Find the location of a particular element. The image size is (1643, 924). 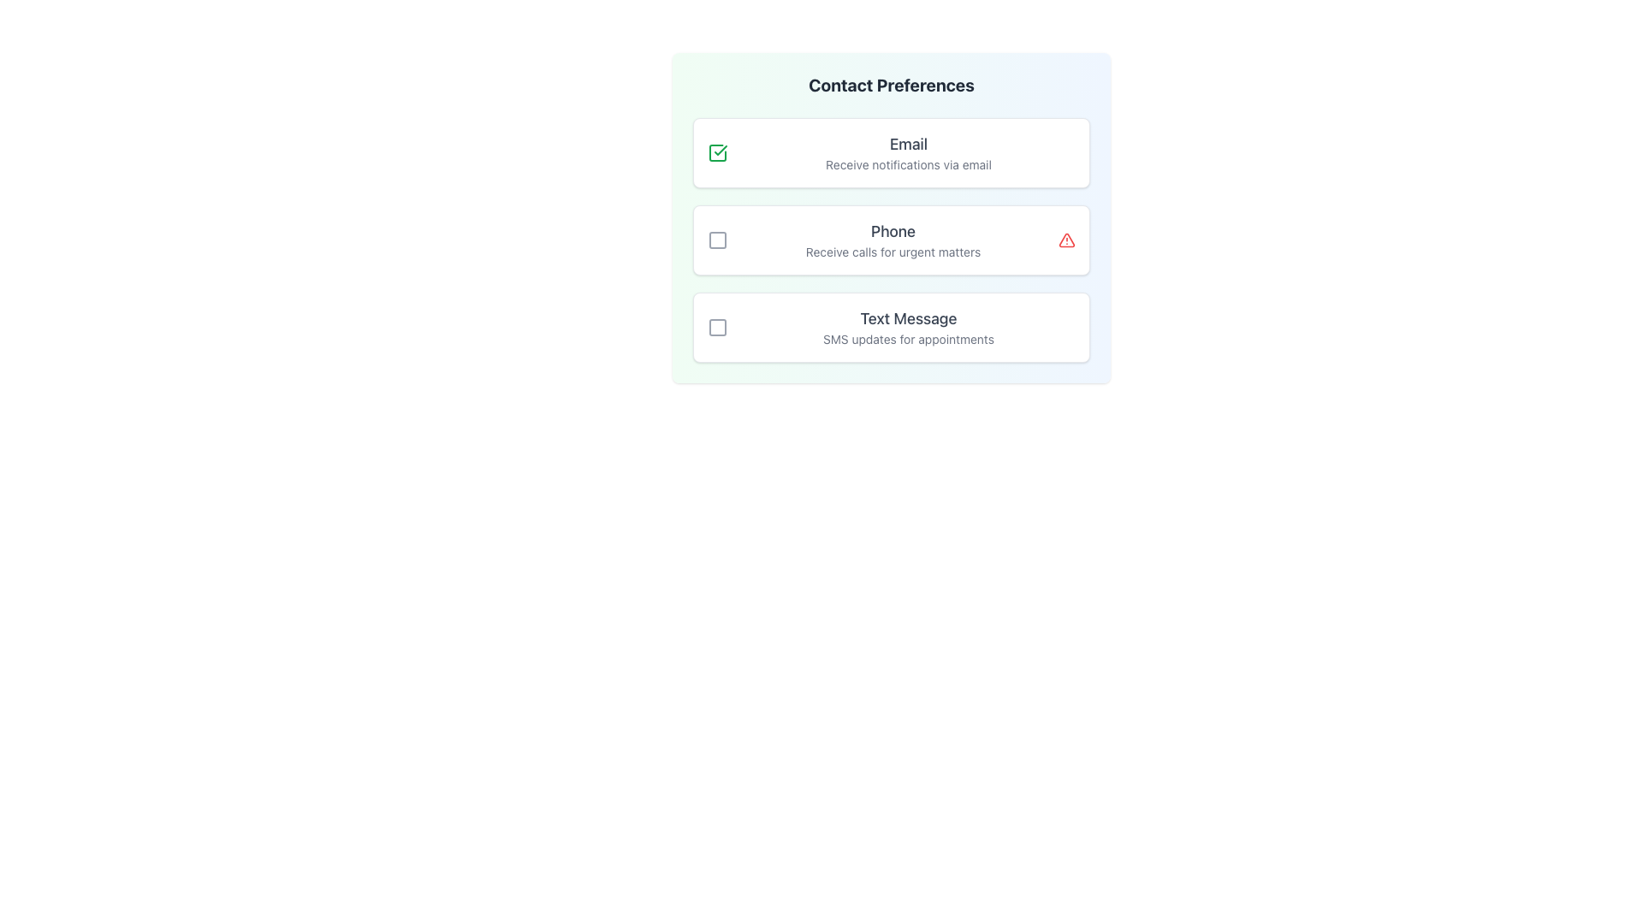

the descriptive text label reading 'SMS updates for appointments' that is styled in gray and positioned under the 'Text Message' heading is located at coordinates (907, 340).